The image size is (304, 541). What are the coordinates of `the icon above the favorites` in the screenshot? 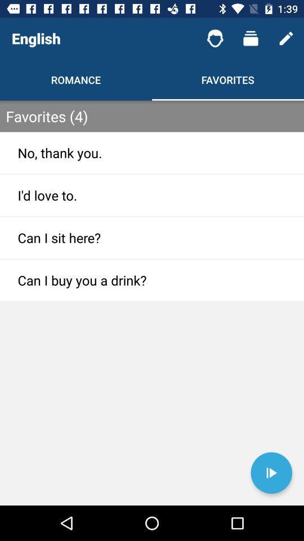 It's located at (251, 38).